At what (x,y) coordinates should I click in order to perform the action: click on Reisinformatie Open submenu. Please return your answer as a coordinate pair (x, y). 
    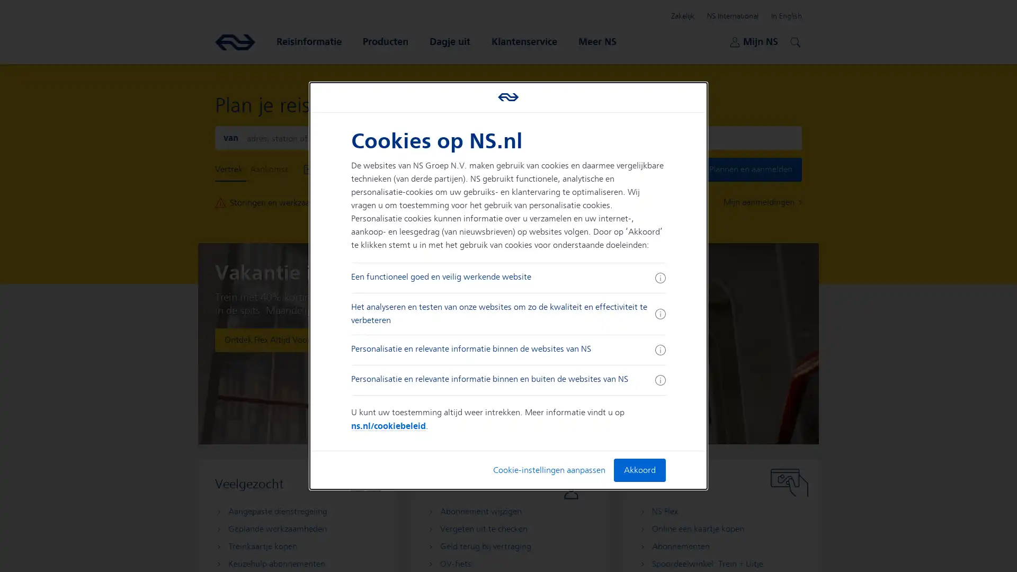
    Looking at the image, I should click on (308, 41).